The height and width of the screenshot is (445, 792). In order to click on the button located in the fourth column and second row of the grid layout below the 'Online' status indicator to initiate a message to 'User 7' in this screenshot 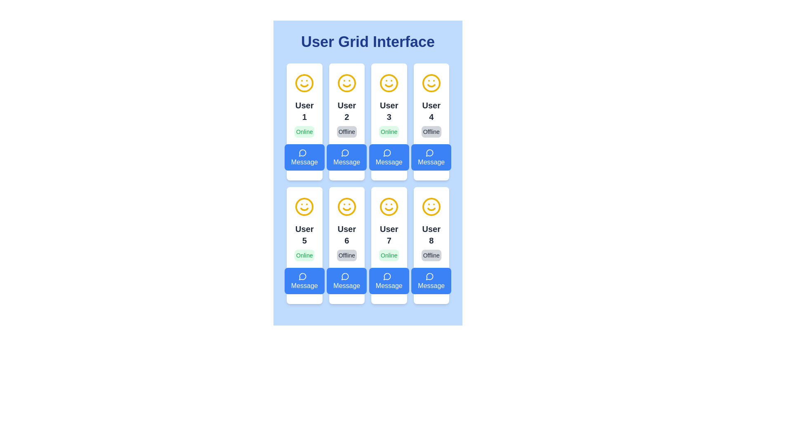, I will do `click(388, 281)`.